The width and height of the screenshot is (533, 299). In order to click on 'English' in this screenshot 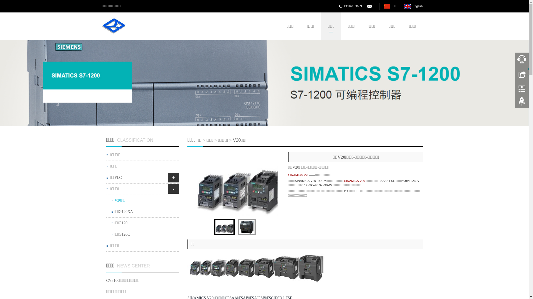, I will do `click(400, 6)`.